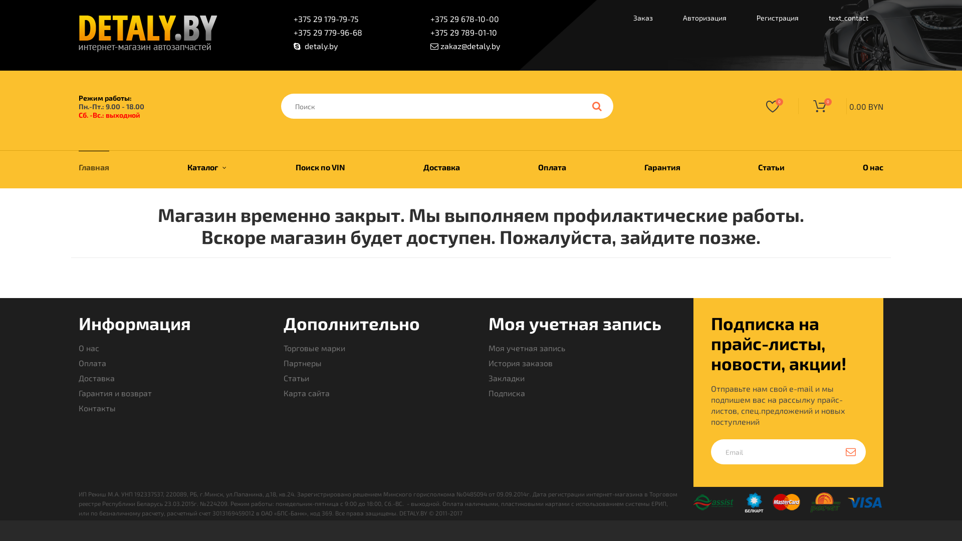  I want to click on '0, so click(841, 106).